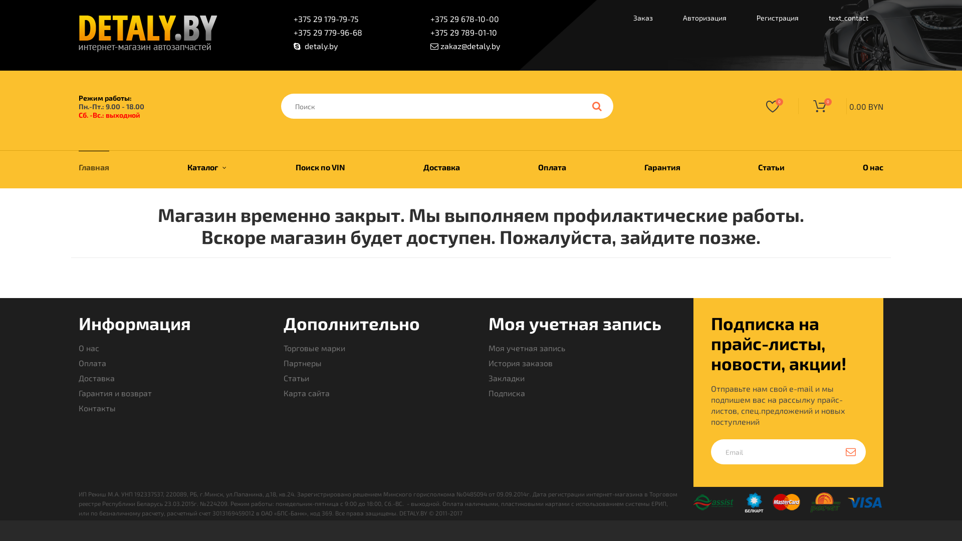  I want to click on '0, so click(841, 106).